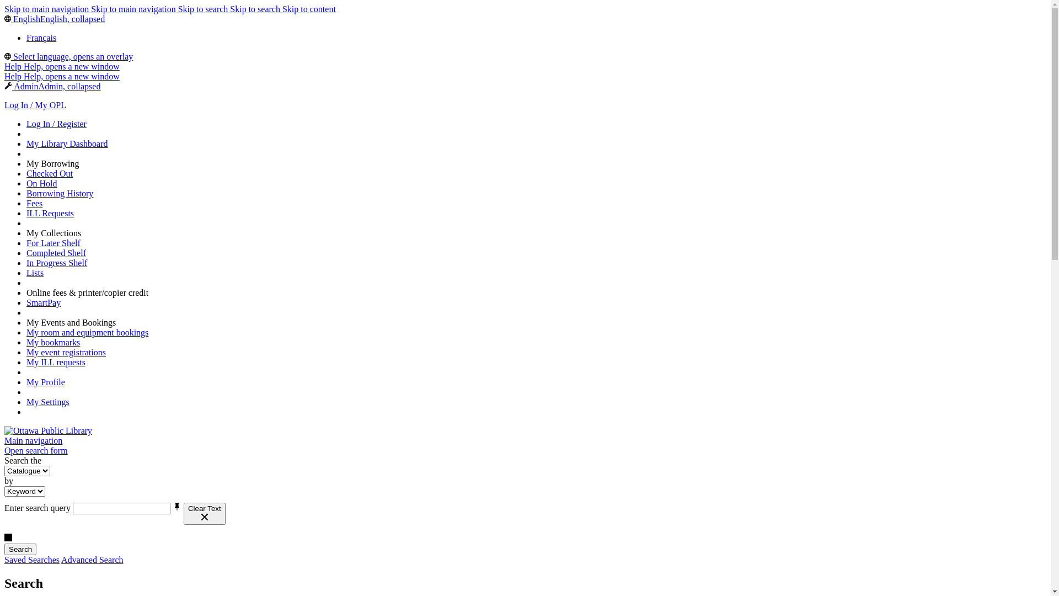 The width and height of the screenshot is (1059, 596). What do you see at coordinates (66, 352) in the screenshot?
I see `'My event registrations'` at bounding box center [66, 352].